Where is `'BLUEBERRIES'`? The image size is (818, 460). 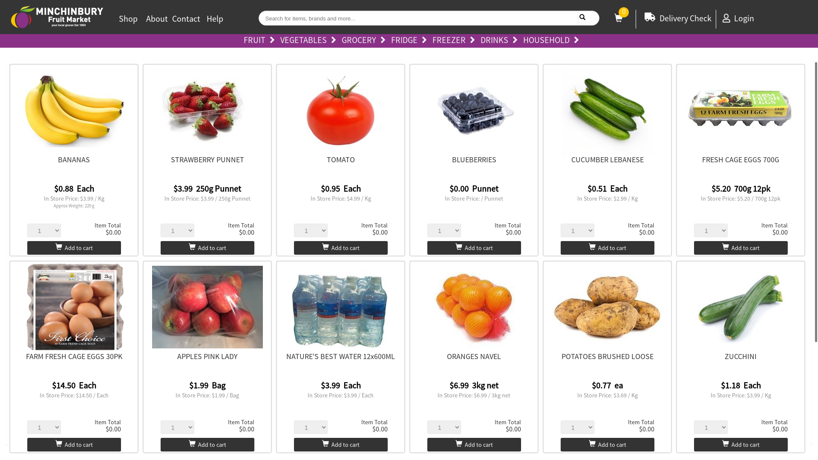
'BLUEBERRIES' is located at coordinates (474, 159).